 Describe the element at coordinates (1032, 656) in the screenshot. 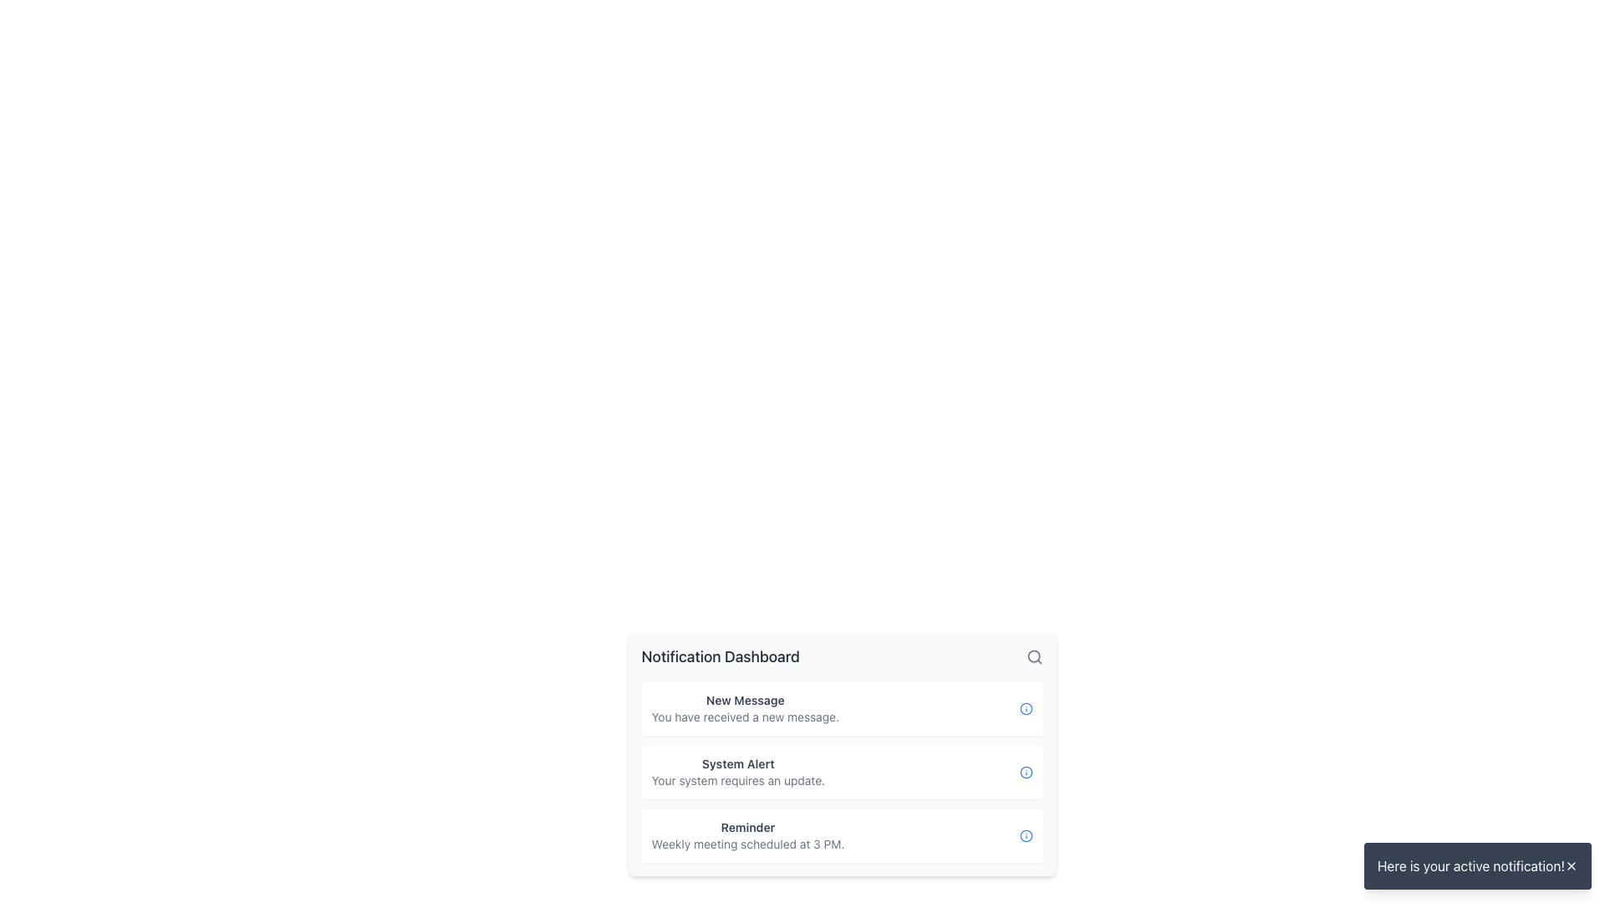

I see `the magnifying glass icon component located at the top-right corner of the Notification Dashboard header, which is part of the search functionality` at that location.